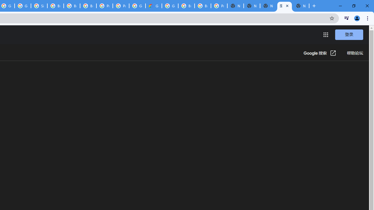 The height and width of the screenshot is (210, 374). Describe the element at coordinates (301, 6) in the screenshot. I see `'New Tab'` at that location.